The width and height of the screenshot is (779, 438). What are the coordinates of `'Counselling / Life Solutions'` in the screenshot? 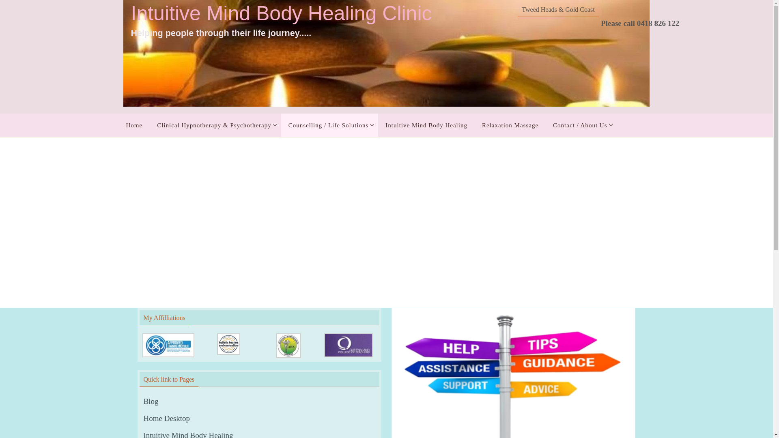 It's located at (329, 125).